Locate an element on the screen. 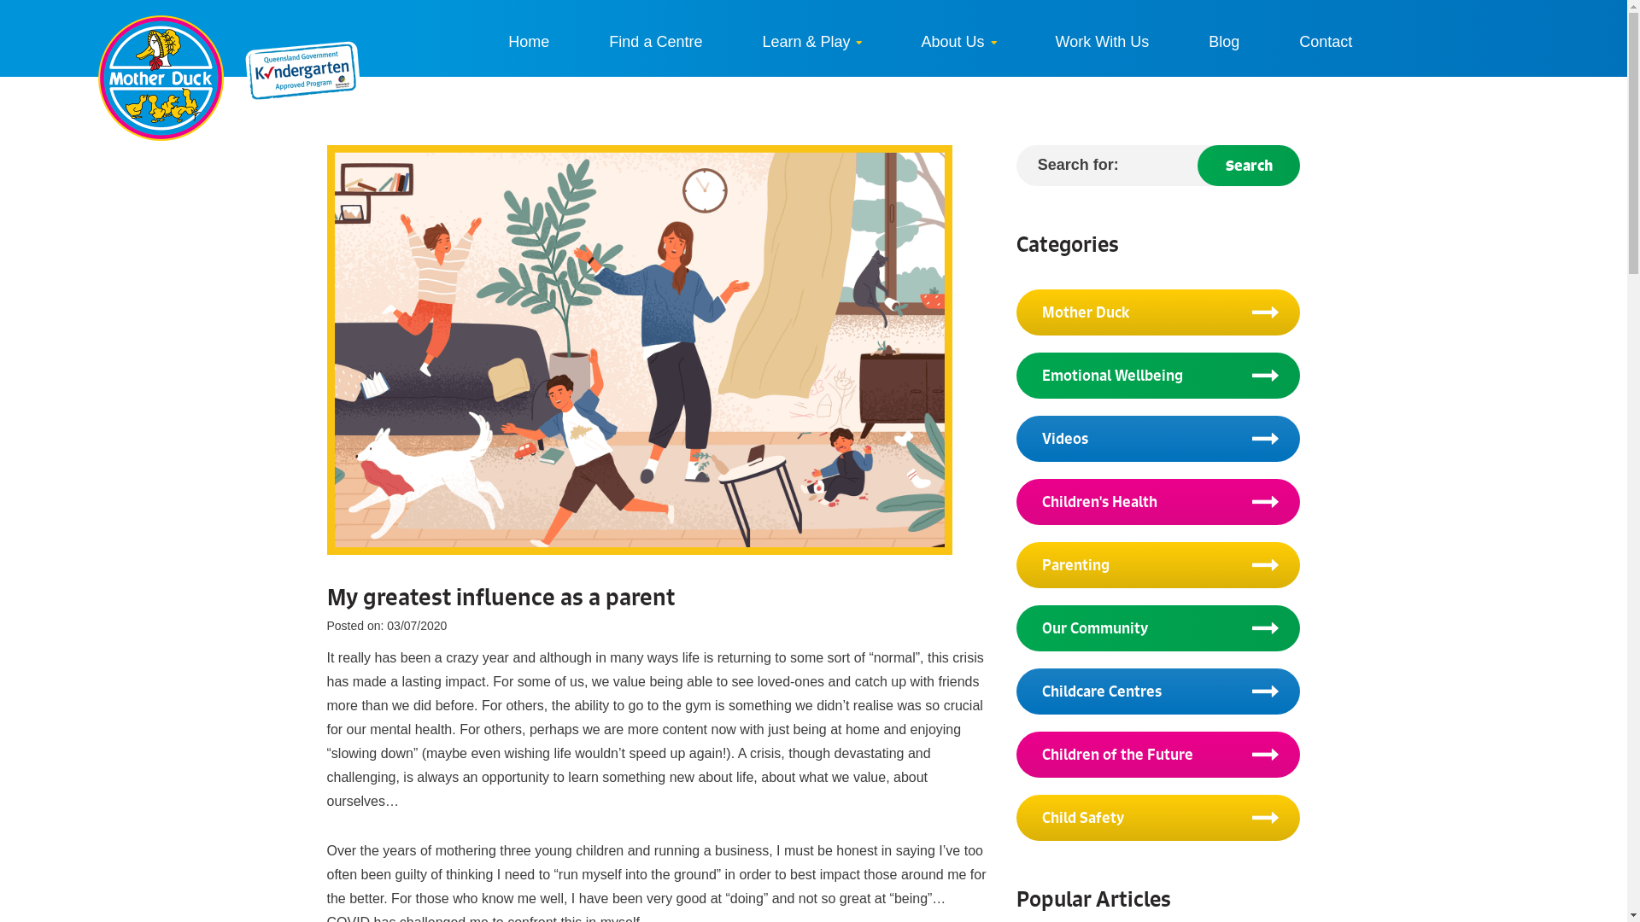 The height and width of the screenshot is (922, 1640). 'Parenting' is located at coordinates (1158, 565).